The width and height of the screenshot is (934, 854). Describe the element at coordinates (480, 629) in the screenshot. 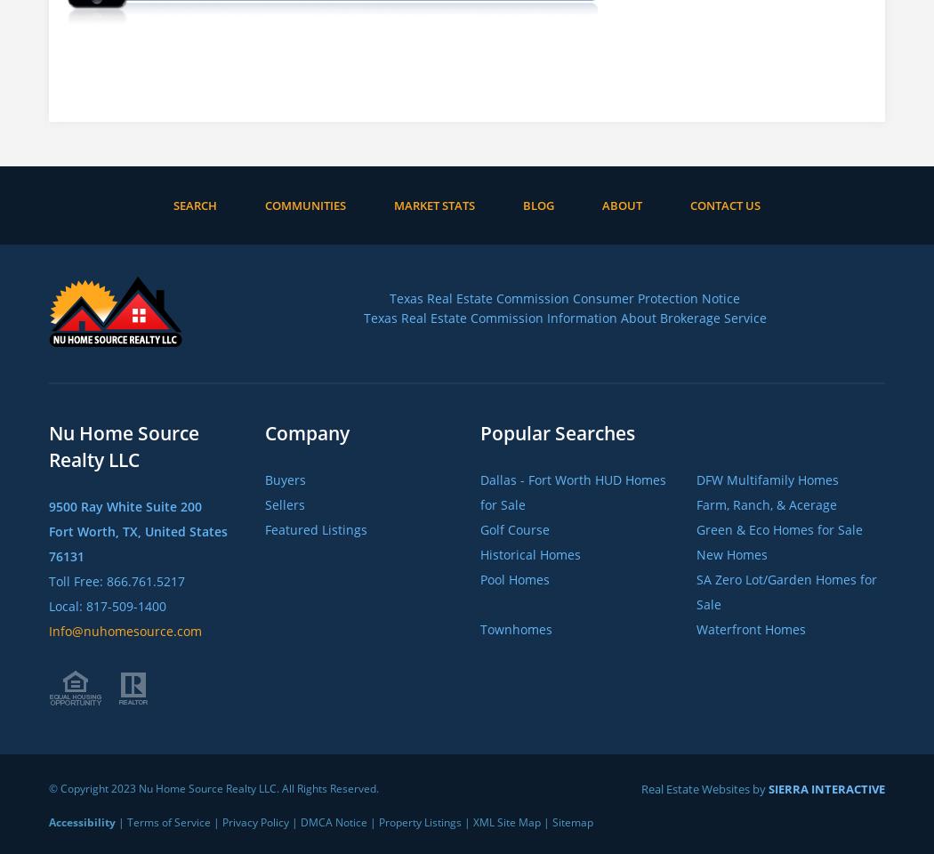

I see `'Townhomes'` at that location.